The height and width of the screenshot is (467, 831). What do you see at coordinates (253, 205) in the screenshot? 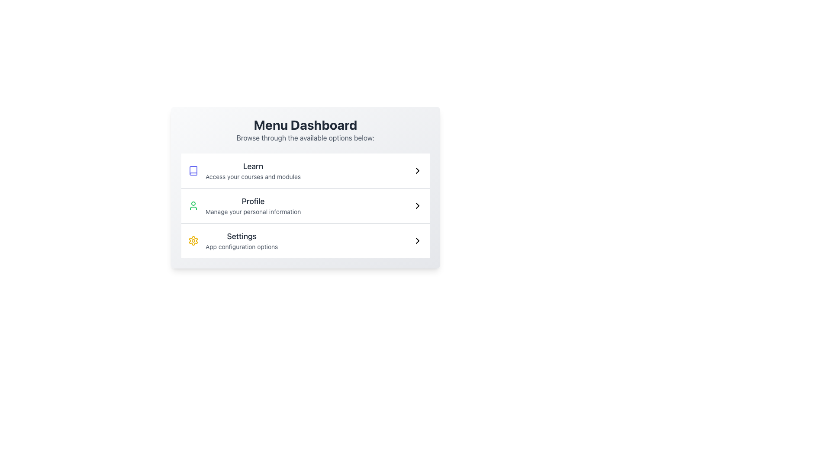
I see `the second clickable menu item in the profile settings` at bounding box center [253, 205].